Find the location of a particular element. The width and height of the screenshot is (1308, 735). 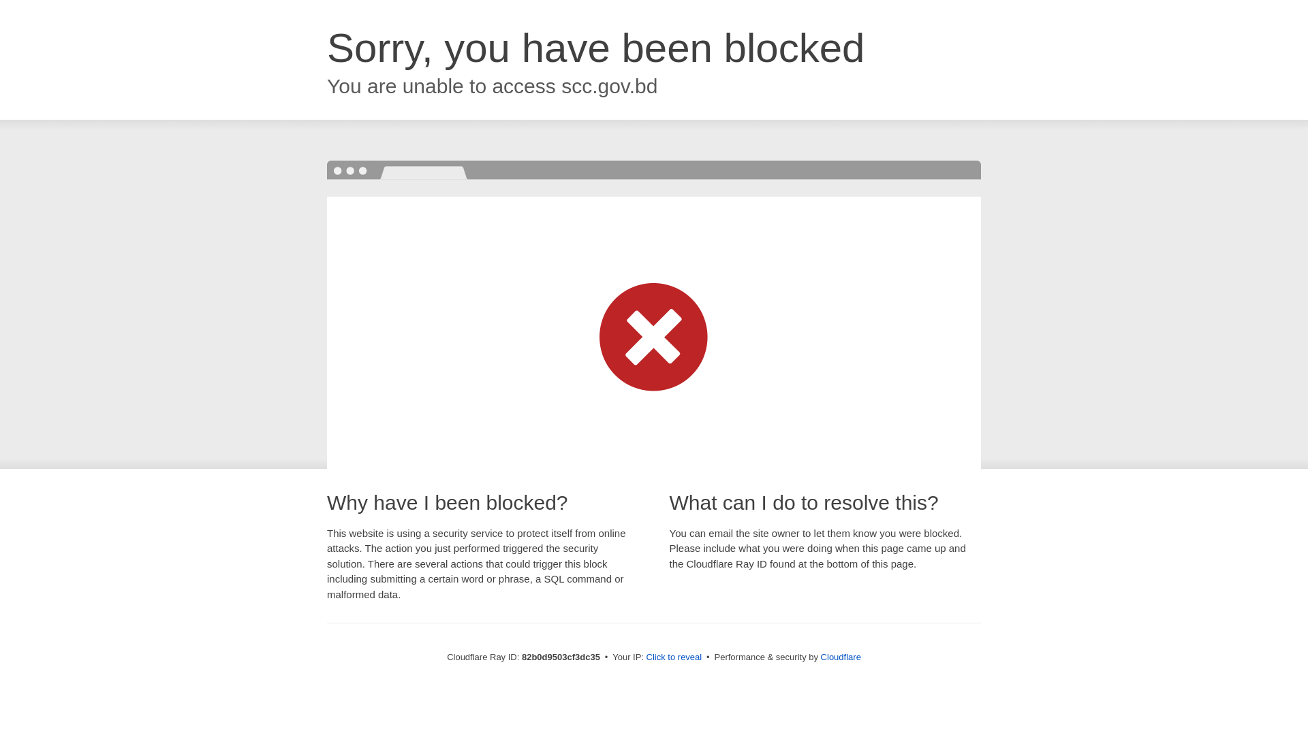

'Click to reveal' is located at coordinates (674, 656).